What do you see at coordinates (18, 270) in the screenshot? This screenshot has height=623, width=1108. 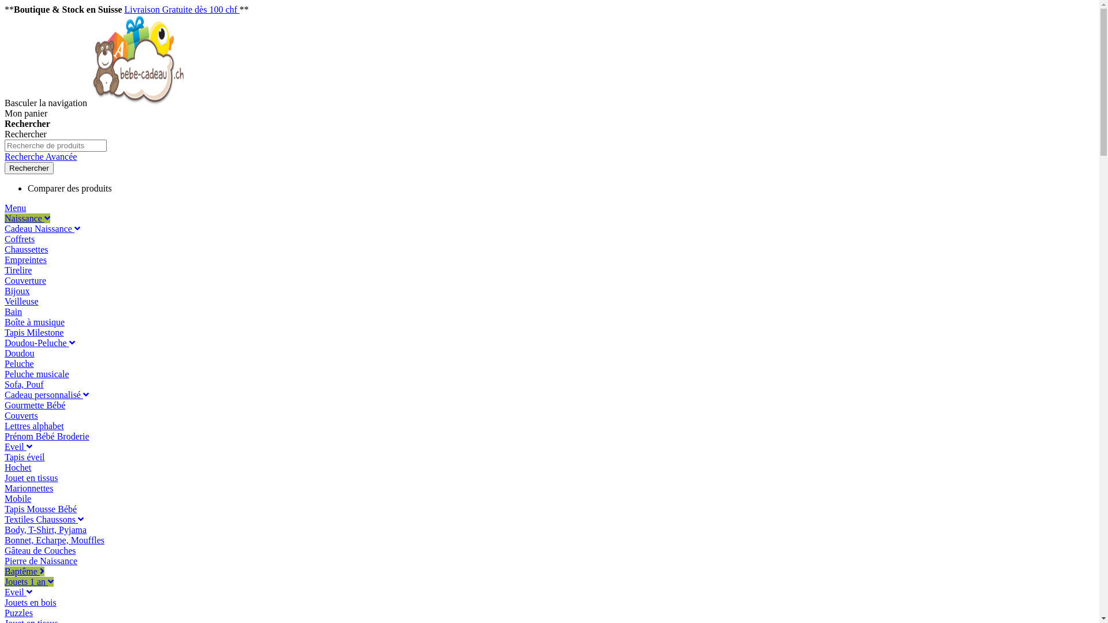 I see `'Tirelire'` at bounding box center [18, 270].